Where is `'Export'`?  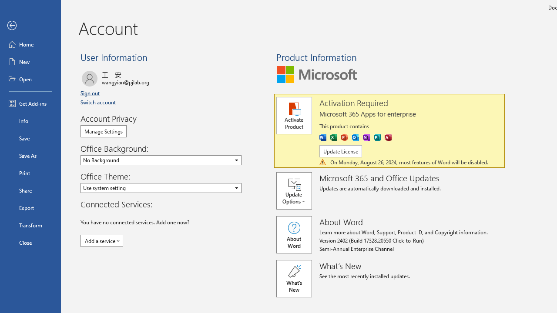
'Export' is located at coordinates (30, 208).